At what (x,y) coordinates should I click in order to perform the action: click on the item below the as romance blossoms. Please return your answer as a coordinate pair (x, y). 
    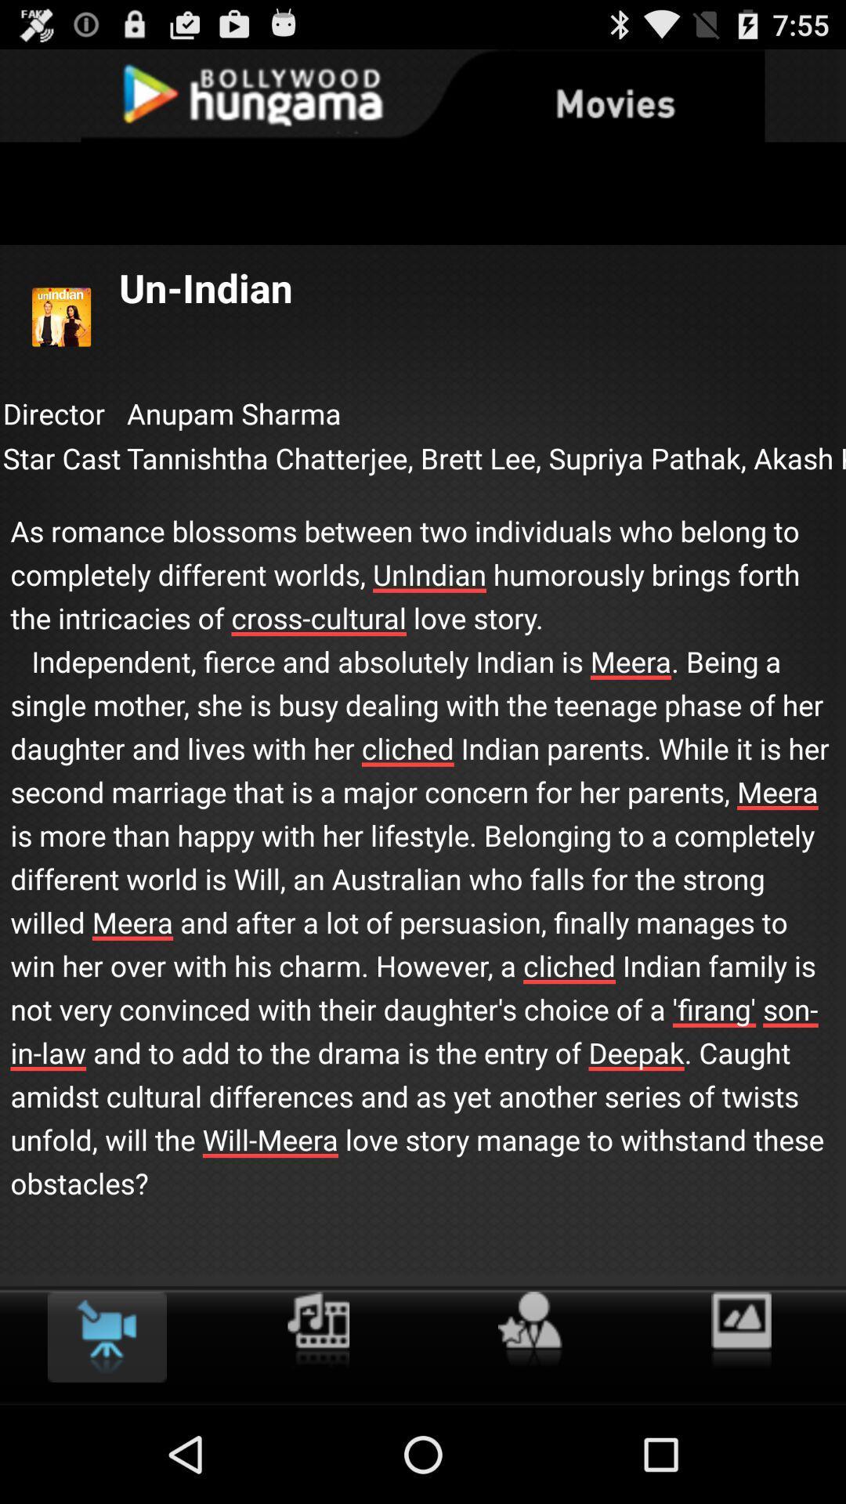
    Looking at the image, I should click on (106, 1336).